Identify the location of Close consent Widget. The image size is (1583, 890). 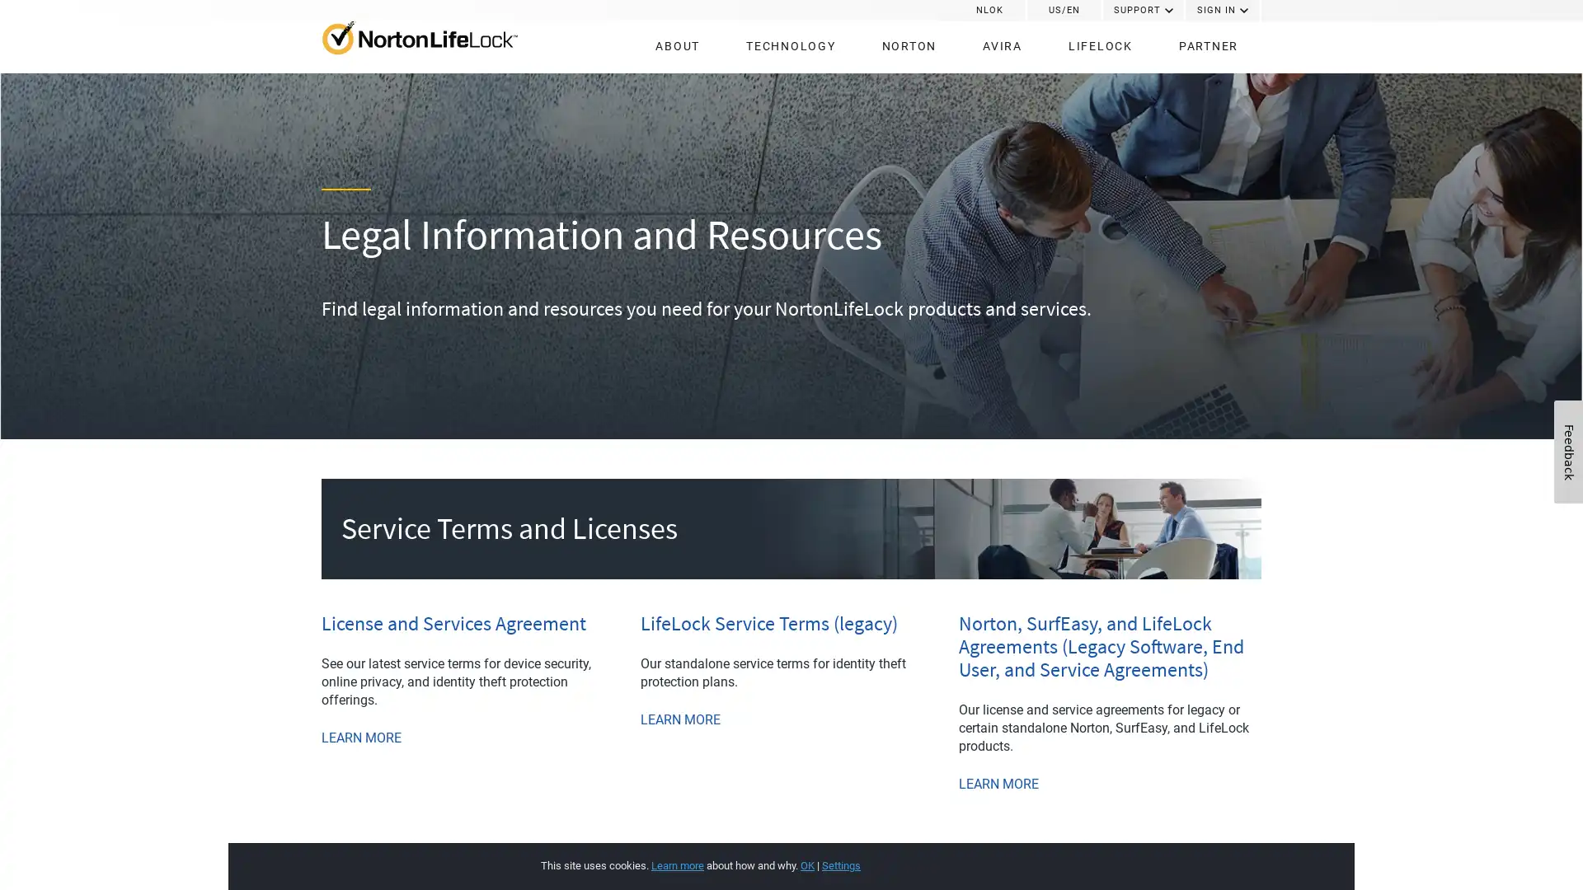
(1223, 848).